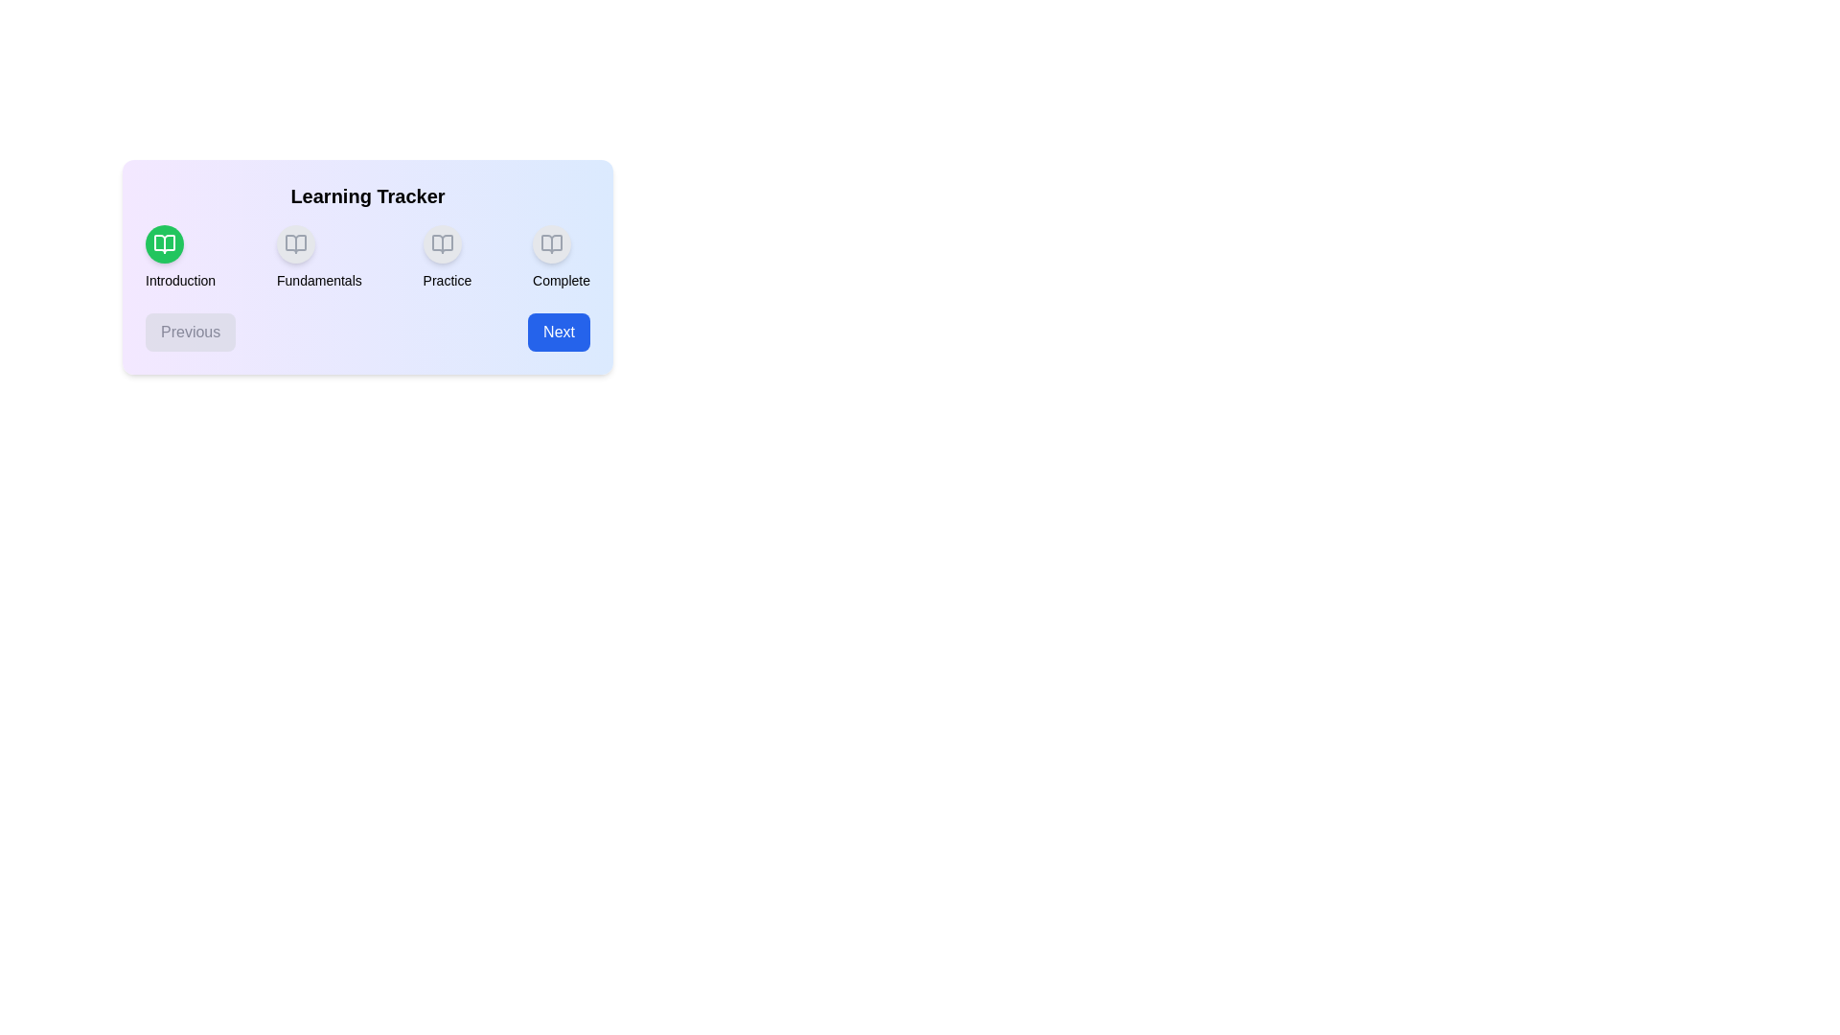  I want to click on the button-like decorative element representing the 'Fundamentals' section in the Learning Tracker interface, located directly above the text label 'Fundamentals', so click(295, 242).